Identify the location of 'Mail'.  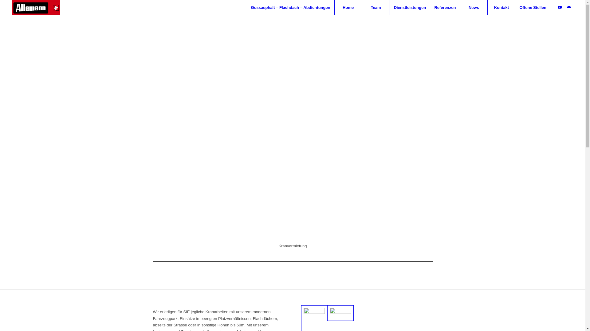
(569, 7).